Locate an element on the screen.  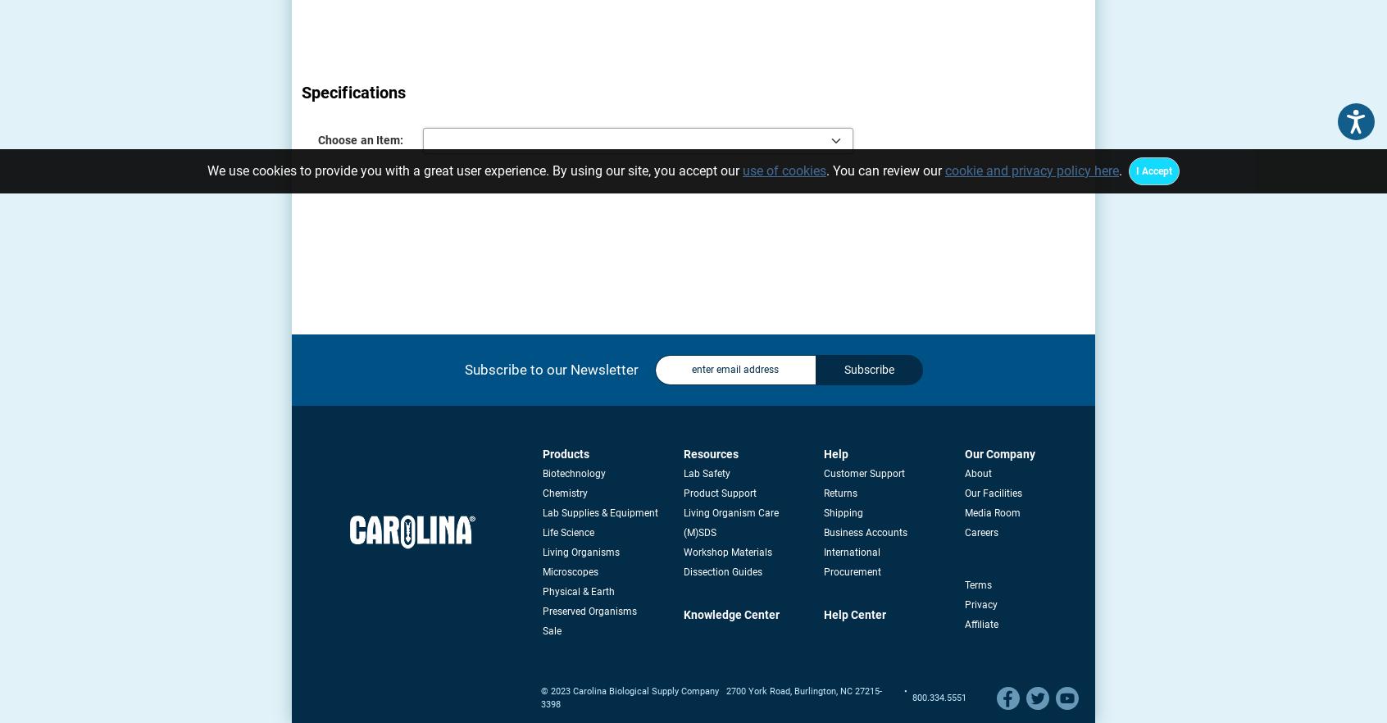
'Living Organisms' is located at coordinates (580, 552).